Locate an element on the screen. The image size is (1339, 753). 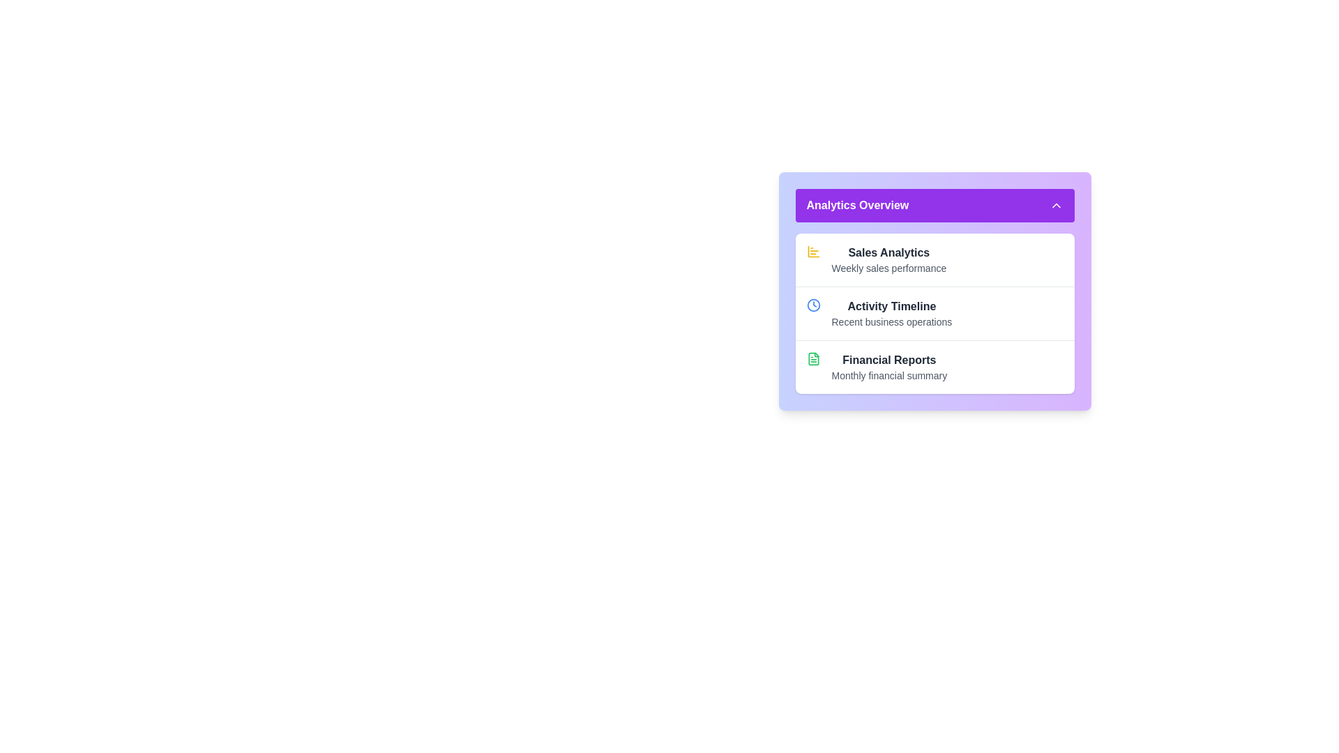
the clock icon representing time tracking in the 'Activity Timeline' section of the 'Analytics Overview' panel is located at coordinates (813, 305).